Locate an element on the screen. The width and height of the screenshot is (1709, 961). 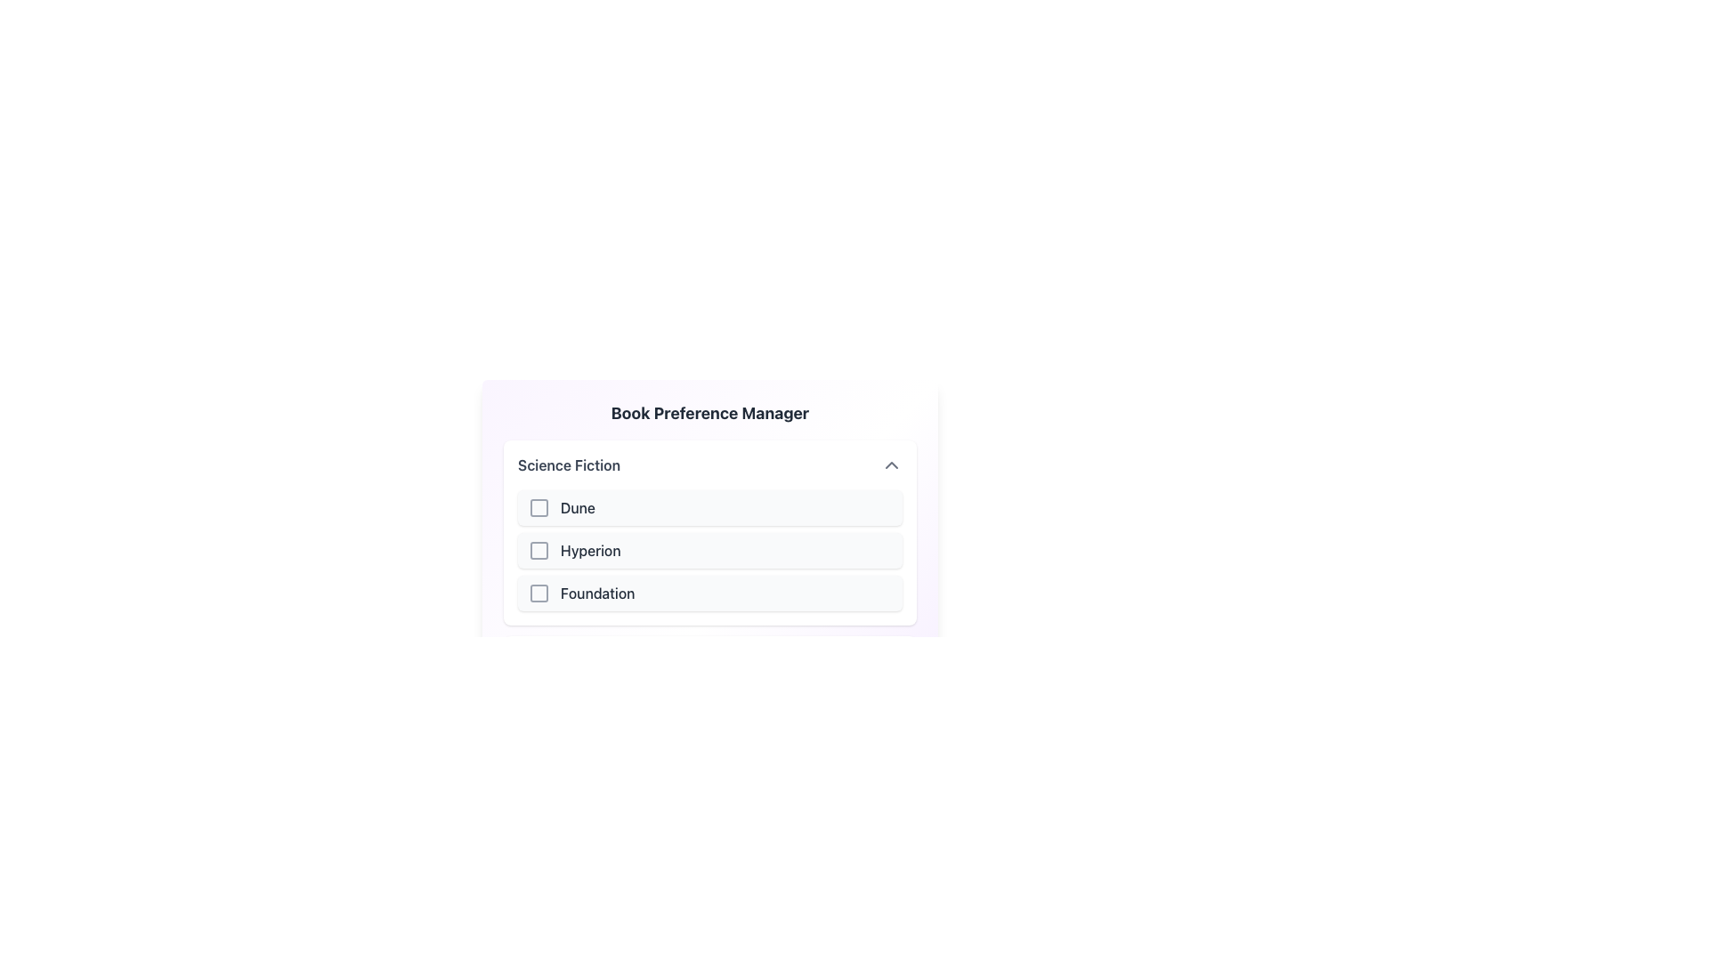
the checkbox is located at coordinates (538, 594).